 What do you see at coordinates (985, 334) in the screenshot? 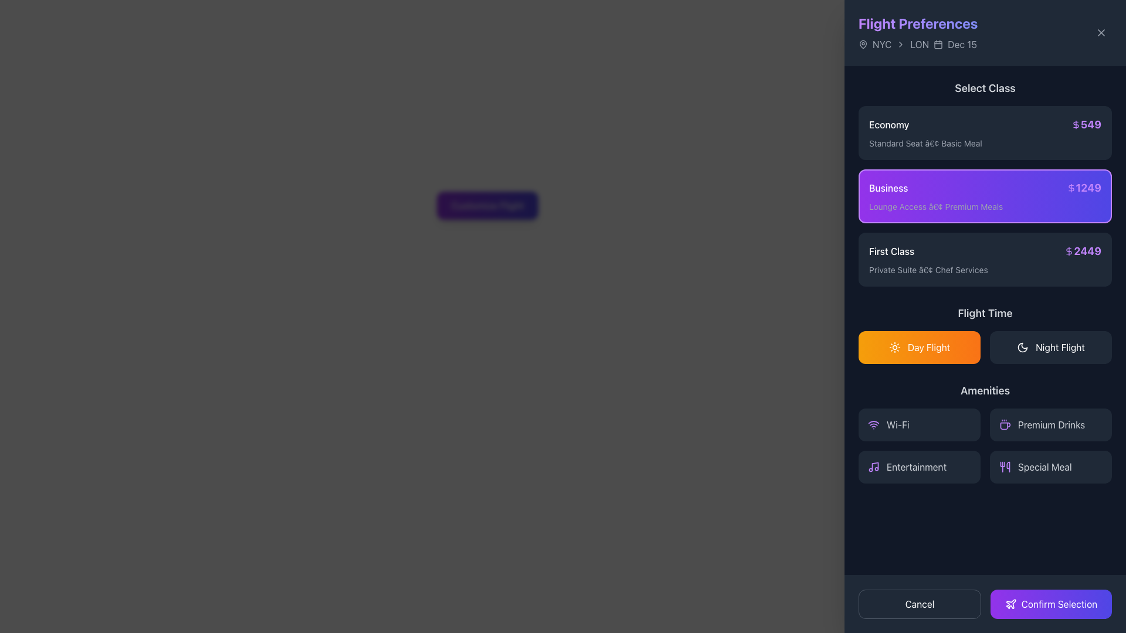
I see `the 'Day Flight' button in the 'Flight Time' section` at bounding box center [985, 334].